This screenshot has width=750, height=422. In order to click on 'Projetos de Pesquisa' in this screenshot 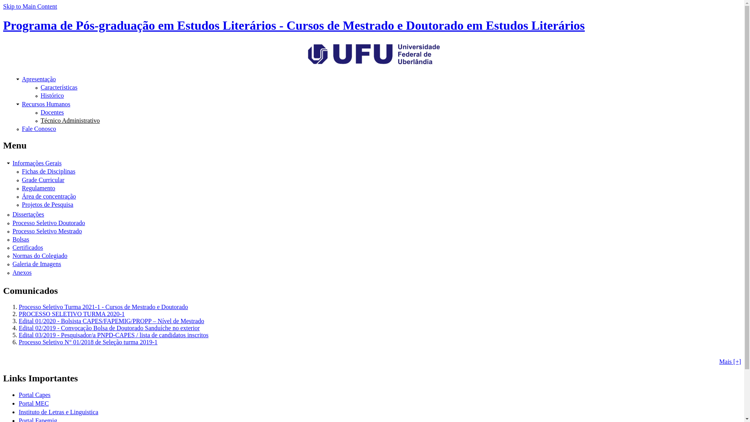, I will do `click(47, 204)`.